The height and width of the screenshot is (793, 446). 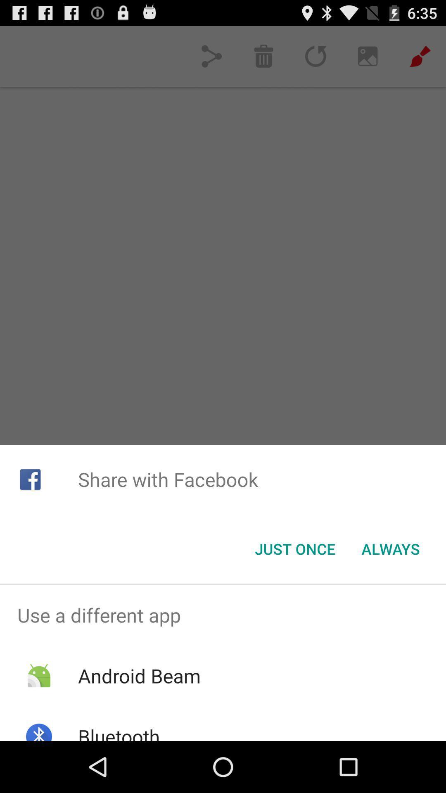 What do you see at coordinates (294, 549) in the screenshot?
I see `icon to the left of always icon` at bounding box center [294, 549].